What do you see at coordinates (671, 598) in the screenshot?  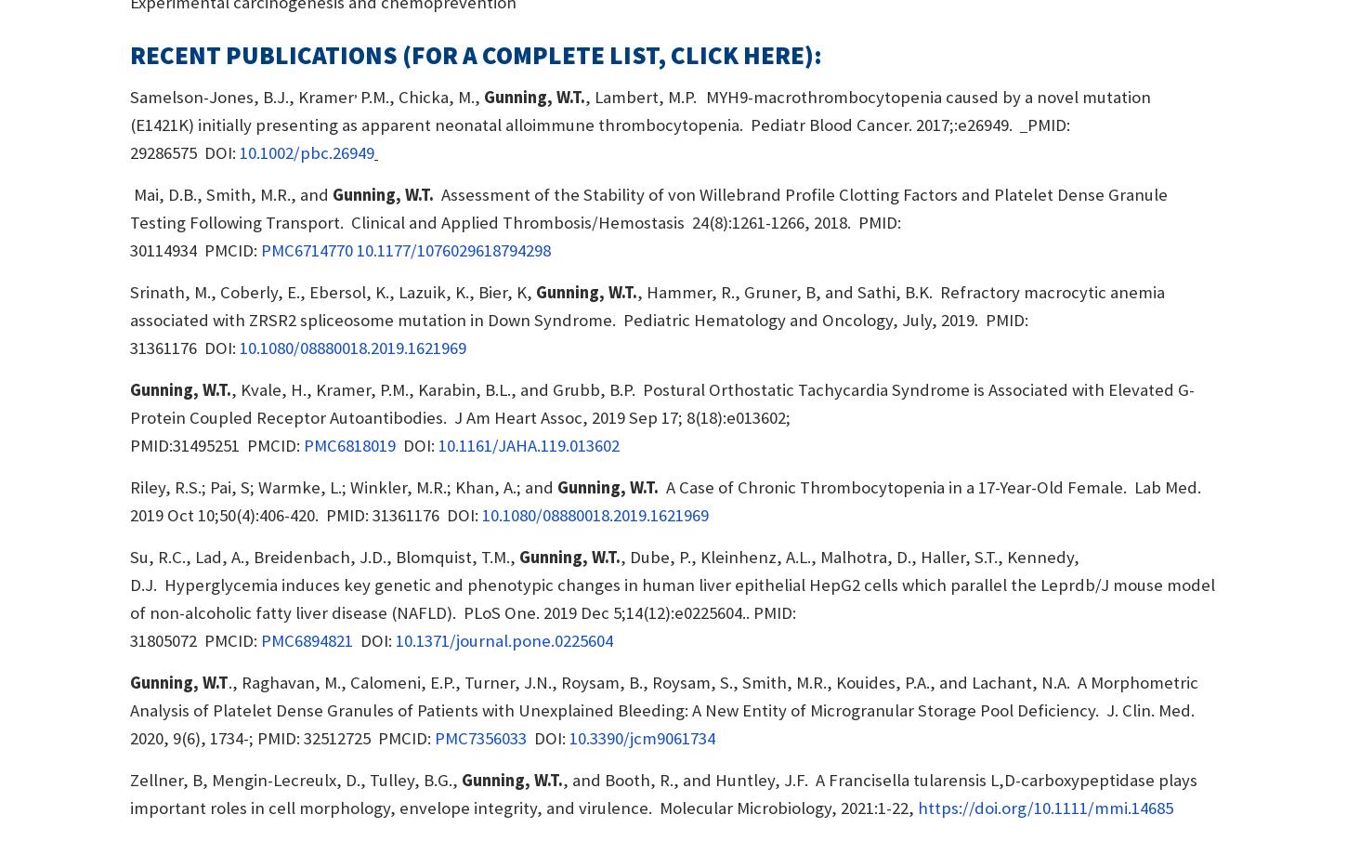 I see `', Dube, P., Kleinhenz, A.L., Malhotra, D., Haller, S.T., Kennedy, D.J.  Hyperglycemia
                  induces key genetic and phenotypic changes in human liver epithelial HepG2 cells which
                  parallel the Leprdb/J mouse model of non-alcoholic fatty liver disease (NAFLD).  PLoS
                  One. 2019 Dec 5;14(12):e0225604.. PMID: 31805072  PMCID:'` at bounding box center [671, 598].